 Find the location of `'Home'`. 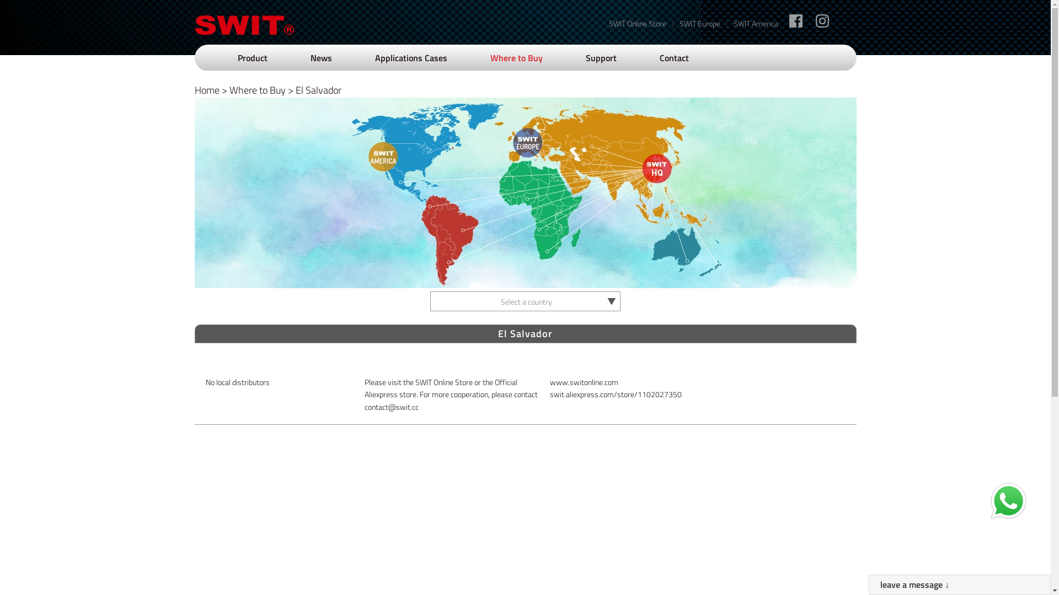

'Home' is located at coordinates (206, 89).